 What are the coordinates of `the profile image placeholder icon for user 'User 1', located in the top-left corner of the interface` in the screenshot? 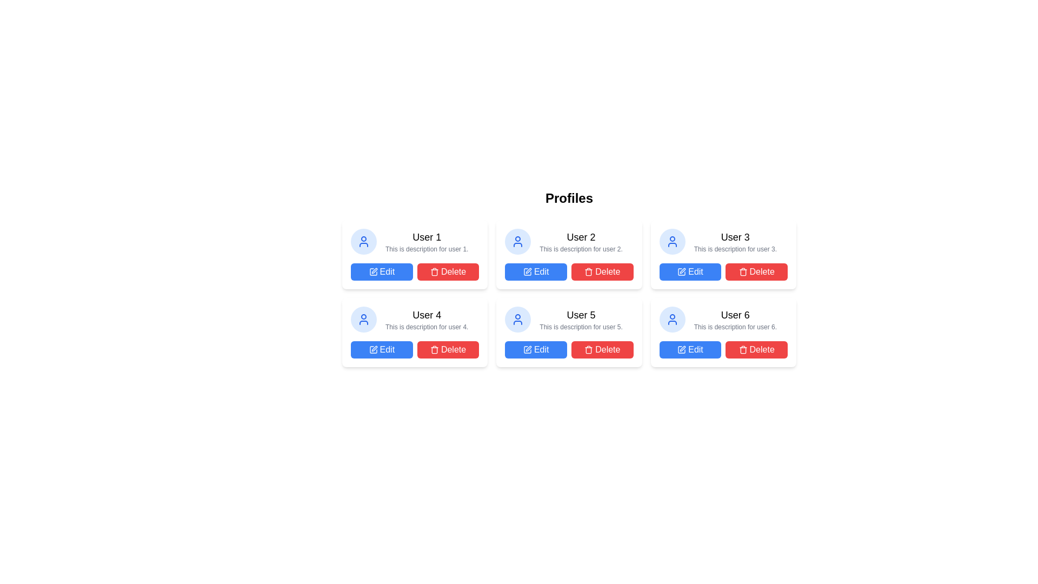 It's located at (363, 241).